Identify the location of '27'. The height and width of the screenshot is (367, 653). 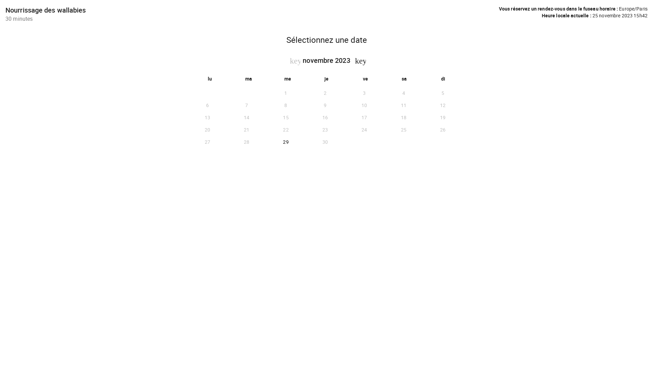
(207, 141).